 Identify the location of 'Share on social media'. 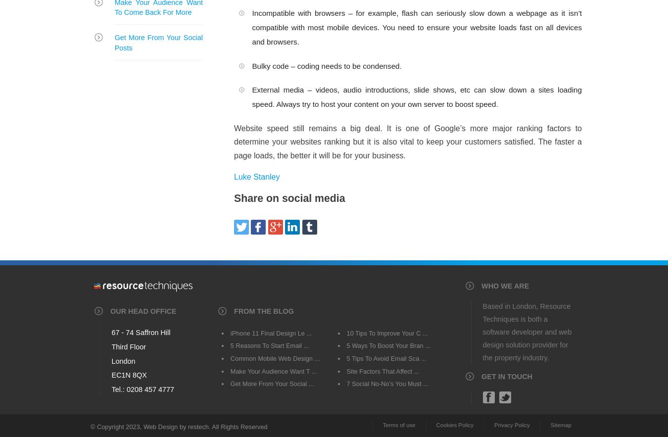
(289, 197).